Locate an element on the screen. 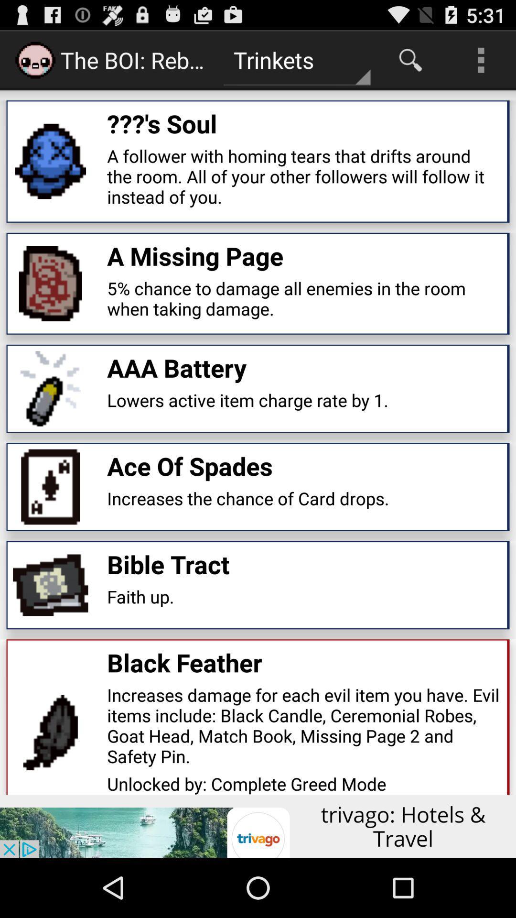  the icon which is before the boi reb on page is located at coordinates (35, 59).